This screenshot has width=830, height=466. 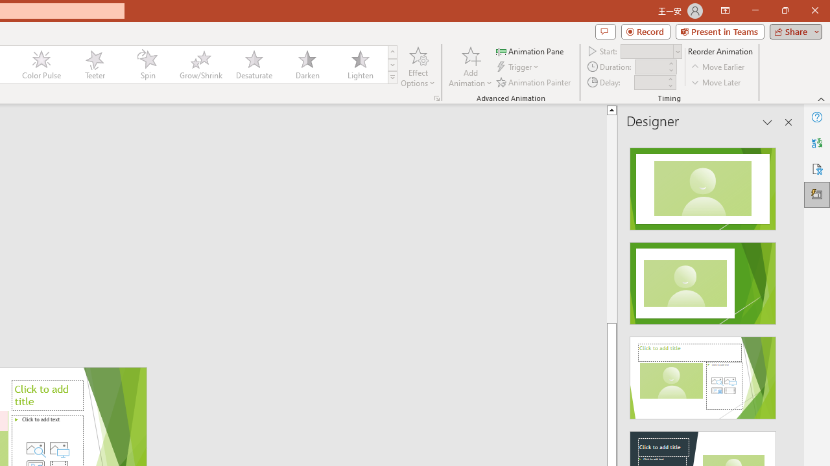 What do you see at coordinates (254, 65) in the screenshot?
I see `'Desaturate'` at bounding box center [254, 65].